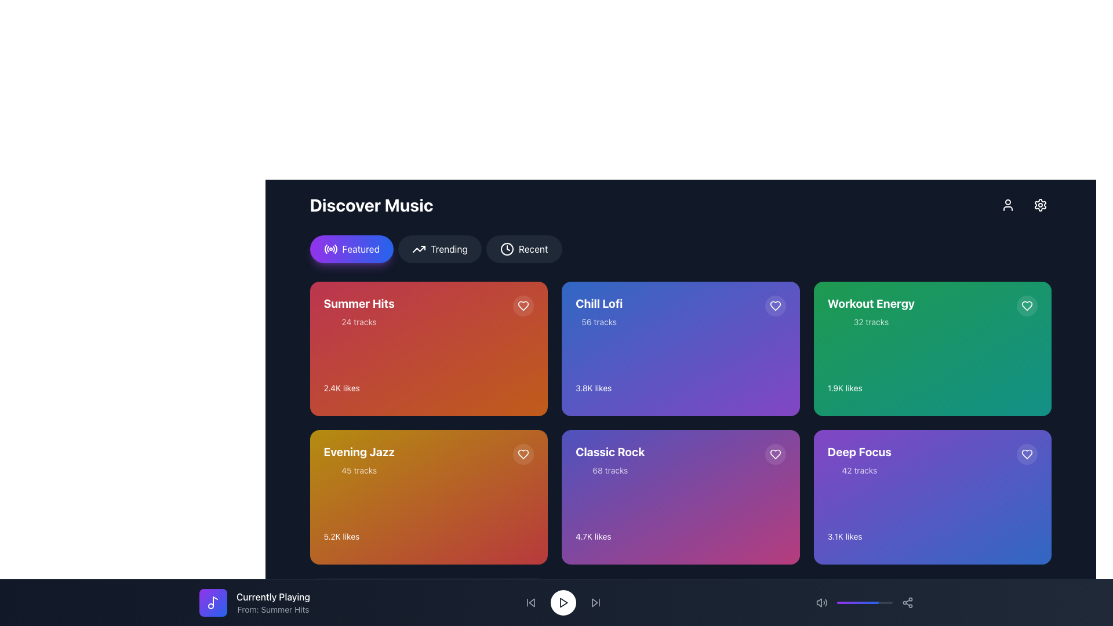 The width and height of the screenshot is (1113, 626). I want to click on the 'Discover Music' text element, which is prominently displayed in large, bold white font at the top of the content area, so click(372, 205).